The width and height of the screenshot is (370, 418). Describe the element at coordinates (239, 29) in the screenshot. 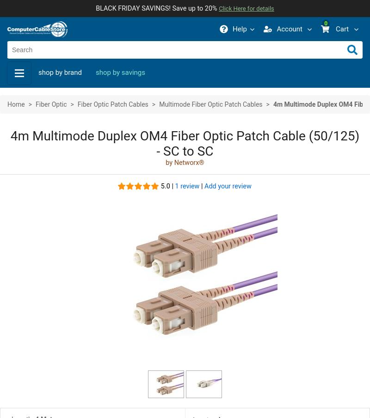

I see `'Help'` at that location.